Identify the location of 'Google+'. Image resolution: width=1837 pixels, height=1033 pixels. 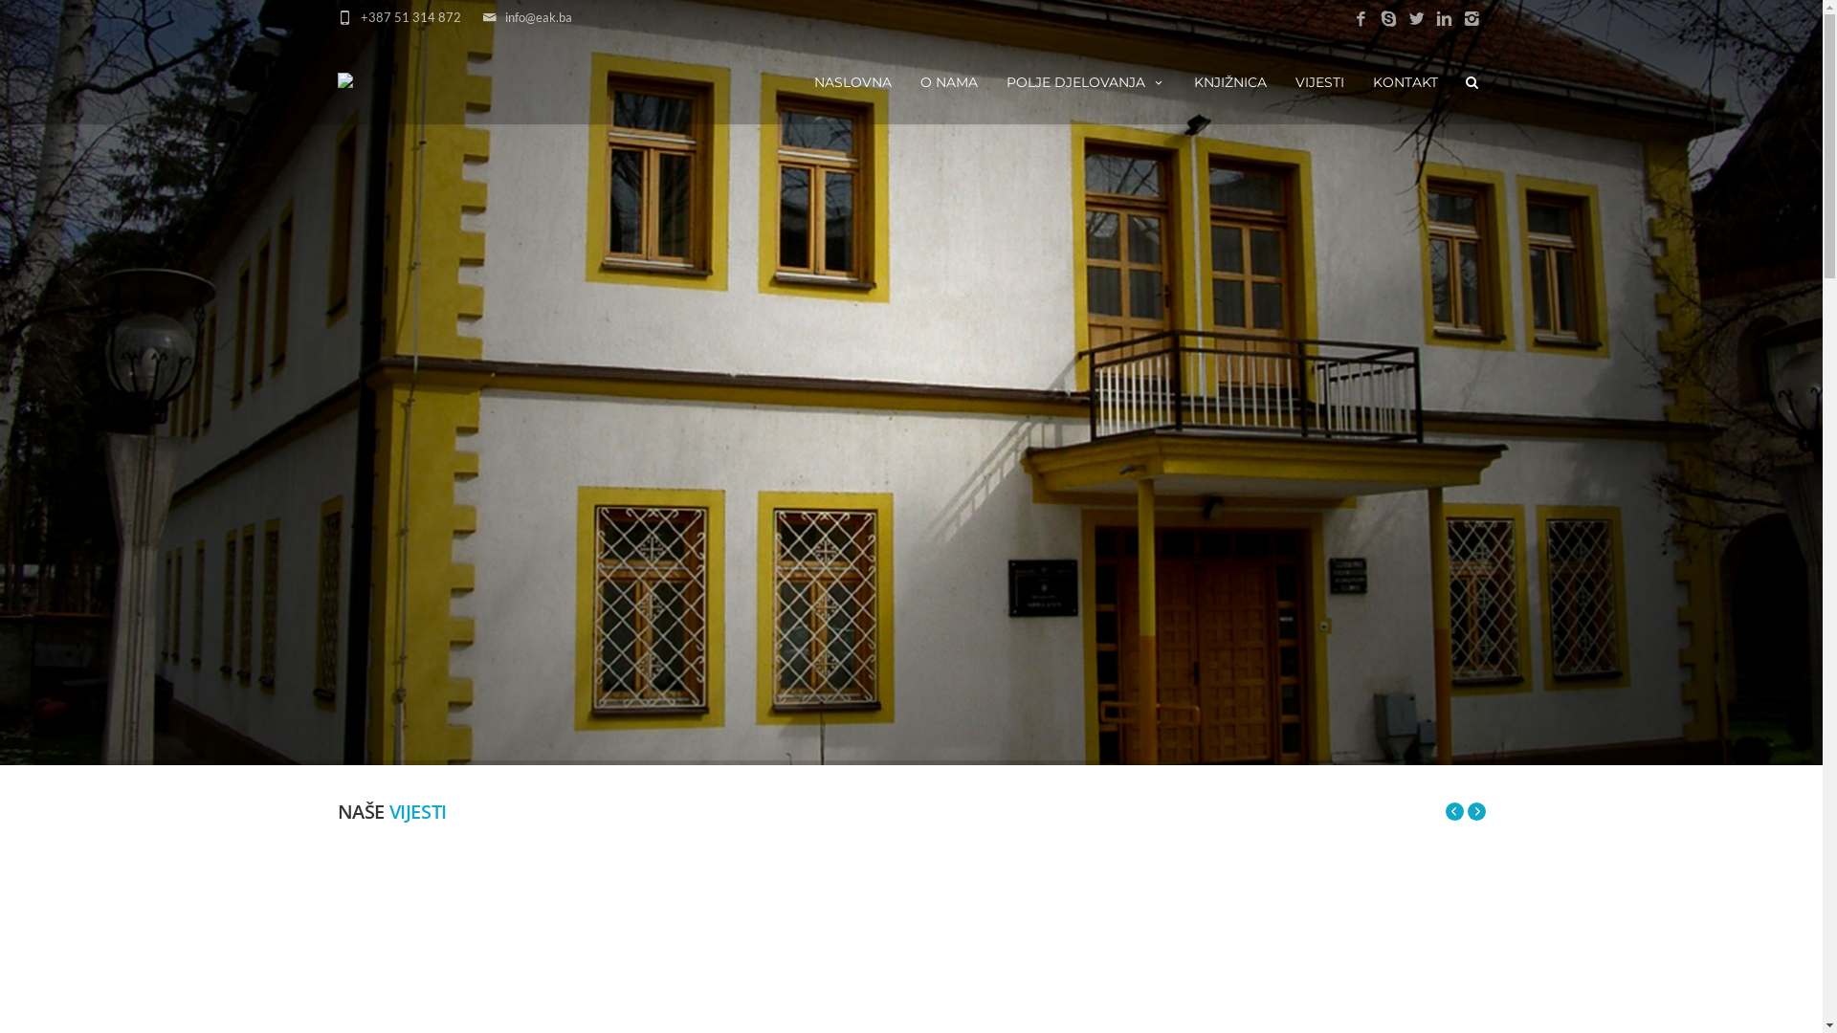
(1317, 998).